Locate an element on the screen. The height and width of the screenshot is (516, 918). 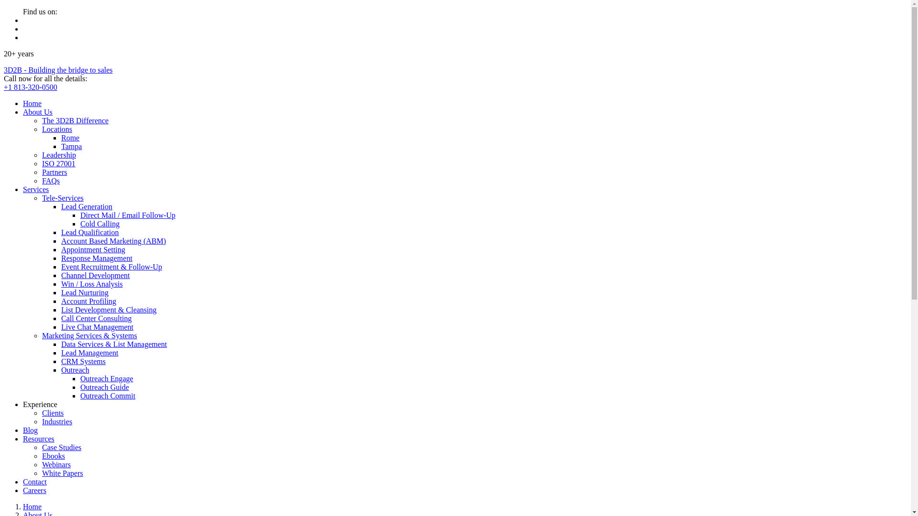
'Contact' is located at coordinates (34, 482).